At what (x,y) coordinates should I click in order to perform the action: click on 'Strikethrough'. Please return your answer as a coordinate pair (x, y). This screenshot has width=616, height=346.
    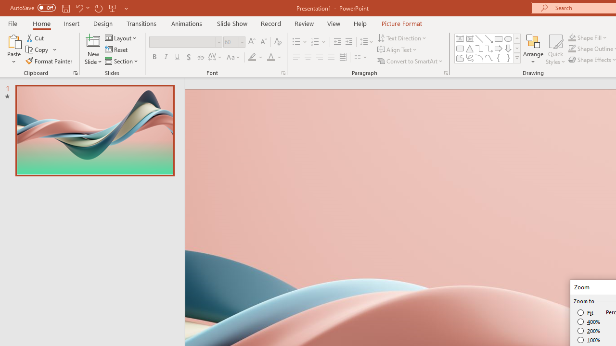
    Looking at the image, I should click on (200, 57).